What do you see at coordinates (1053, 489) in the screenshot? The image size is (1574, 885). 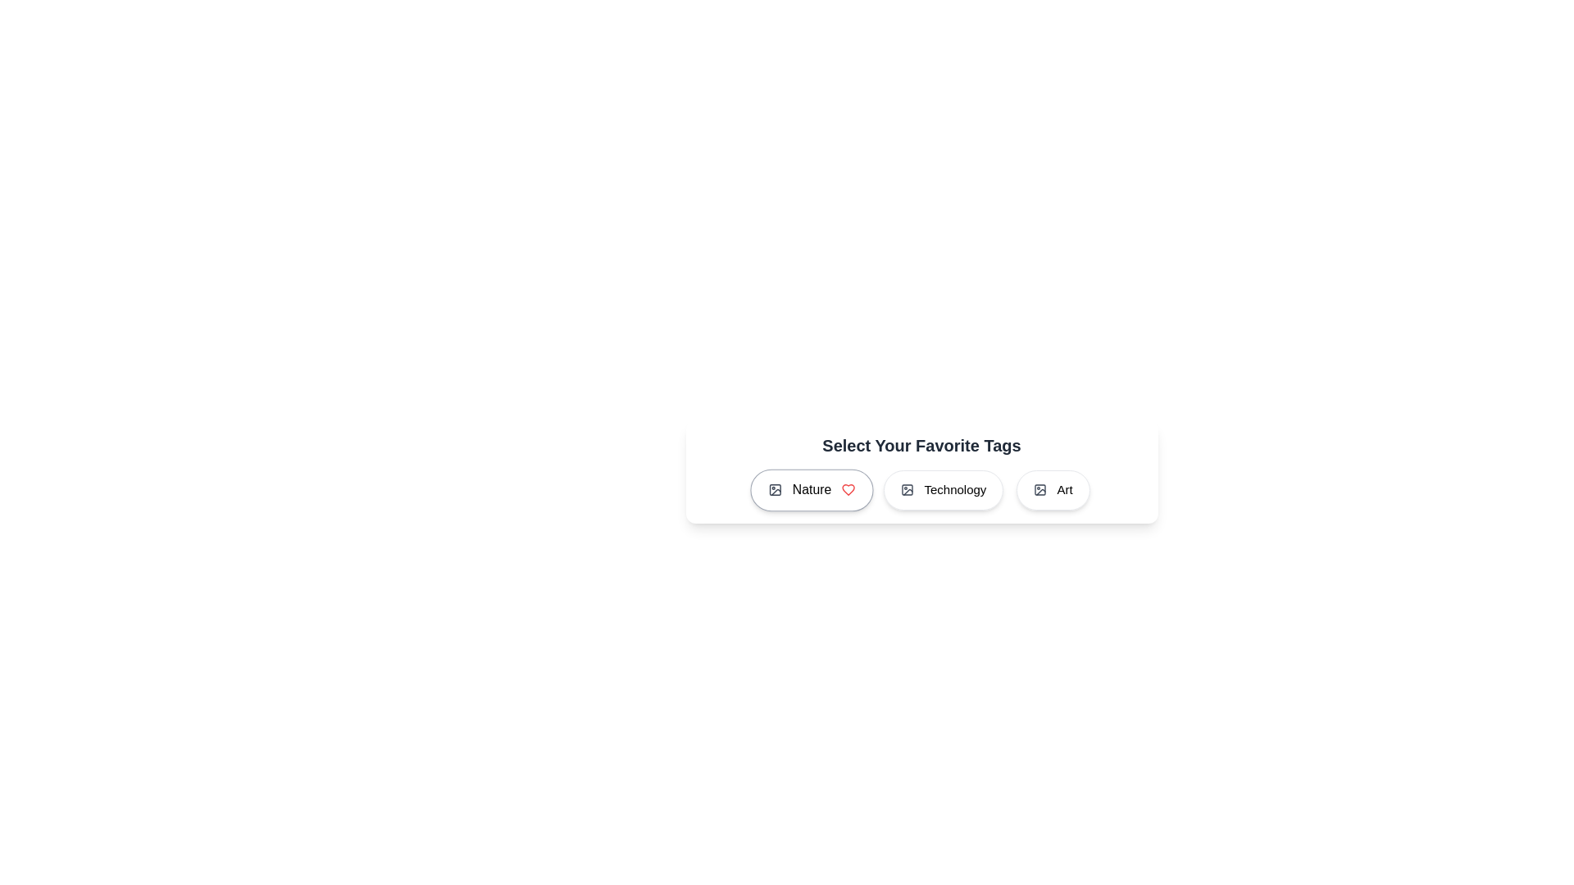 I see `the tag Art` at bounding box center [1053, 489].